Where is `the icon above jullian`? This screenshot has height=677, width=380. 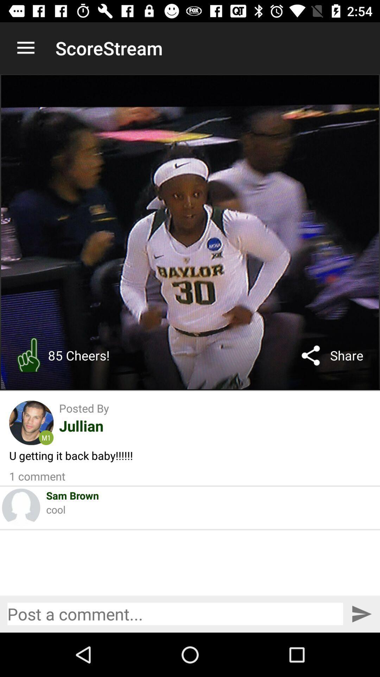
the icon above jullian is located at coordinates (83, 408).